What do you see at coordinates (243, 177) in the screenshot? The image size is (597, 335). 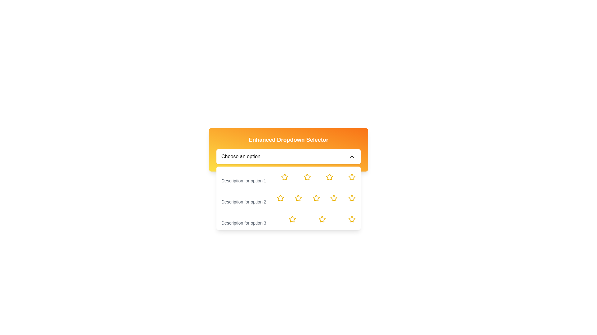 I see `the text label displaying 'Description for option 1', which is located below the title 'Option 1' in the dropdown menu` at bounding box center [243, 177].